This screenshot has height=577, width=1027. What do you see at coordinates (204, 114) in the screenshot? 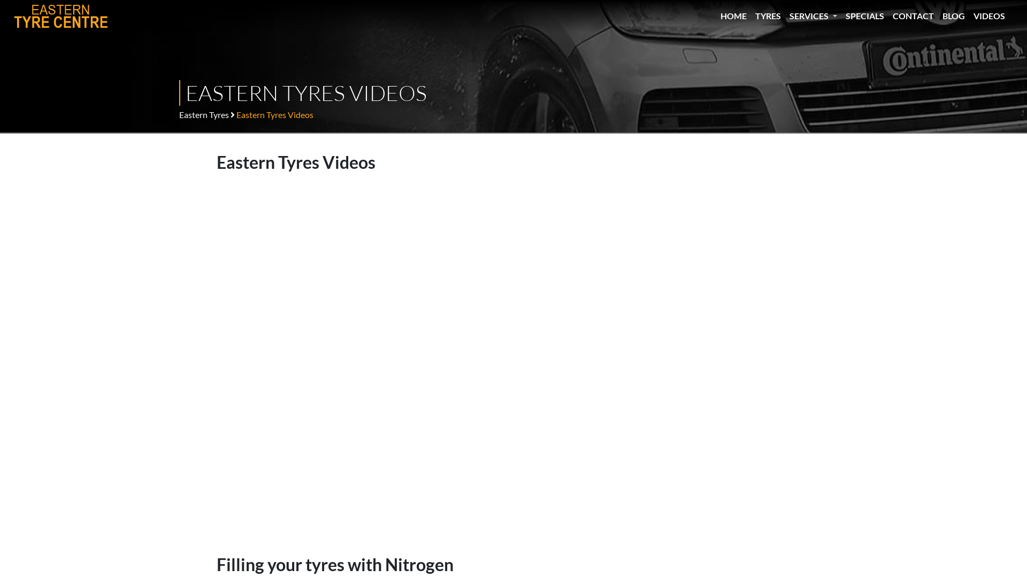
I see `'Eastern Tyres'` at bounding box center [204, 114].